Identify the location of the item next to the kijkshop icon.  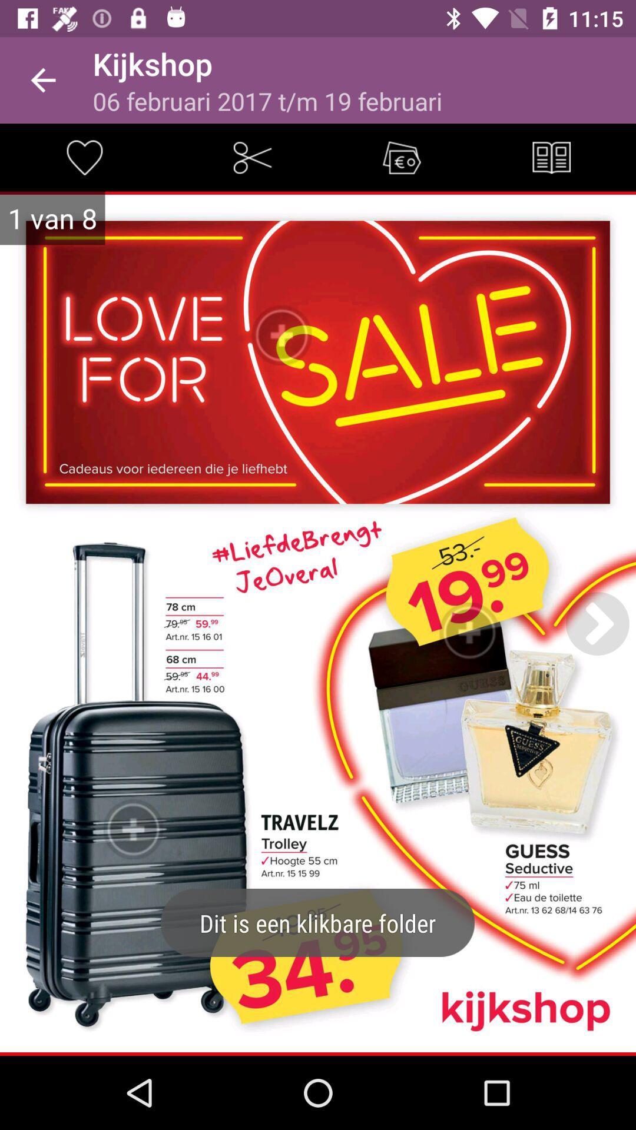
(42, 79).